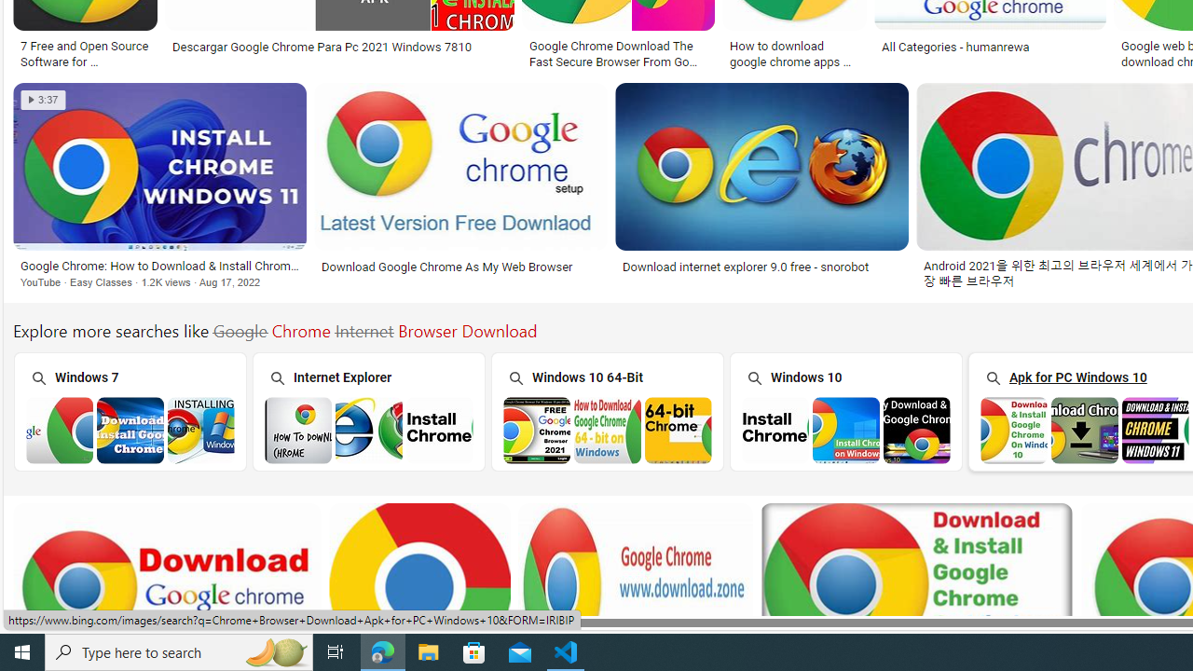 Image resolution: width=1193 pixels, height=671 pixels. I want to click on 'Windows 7', so click(128, 410).